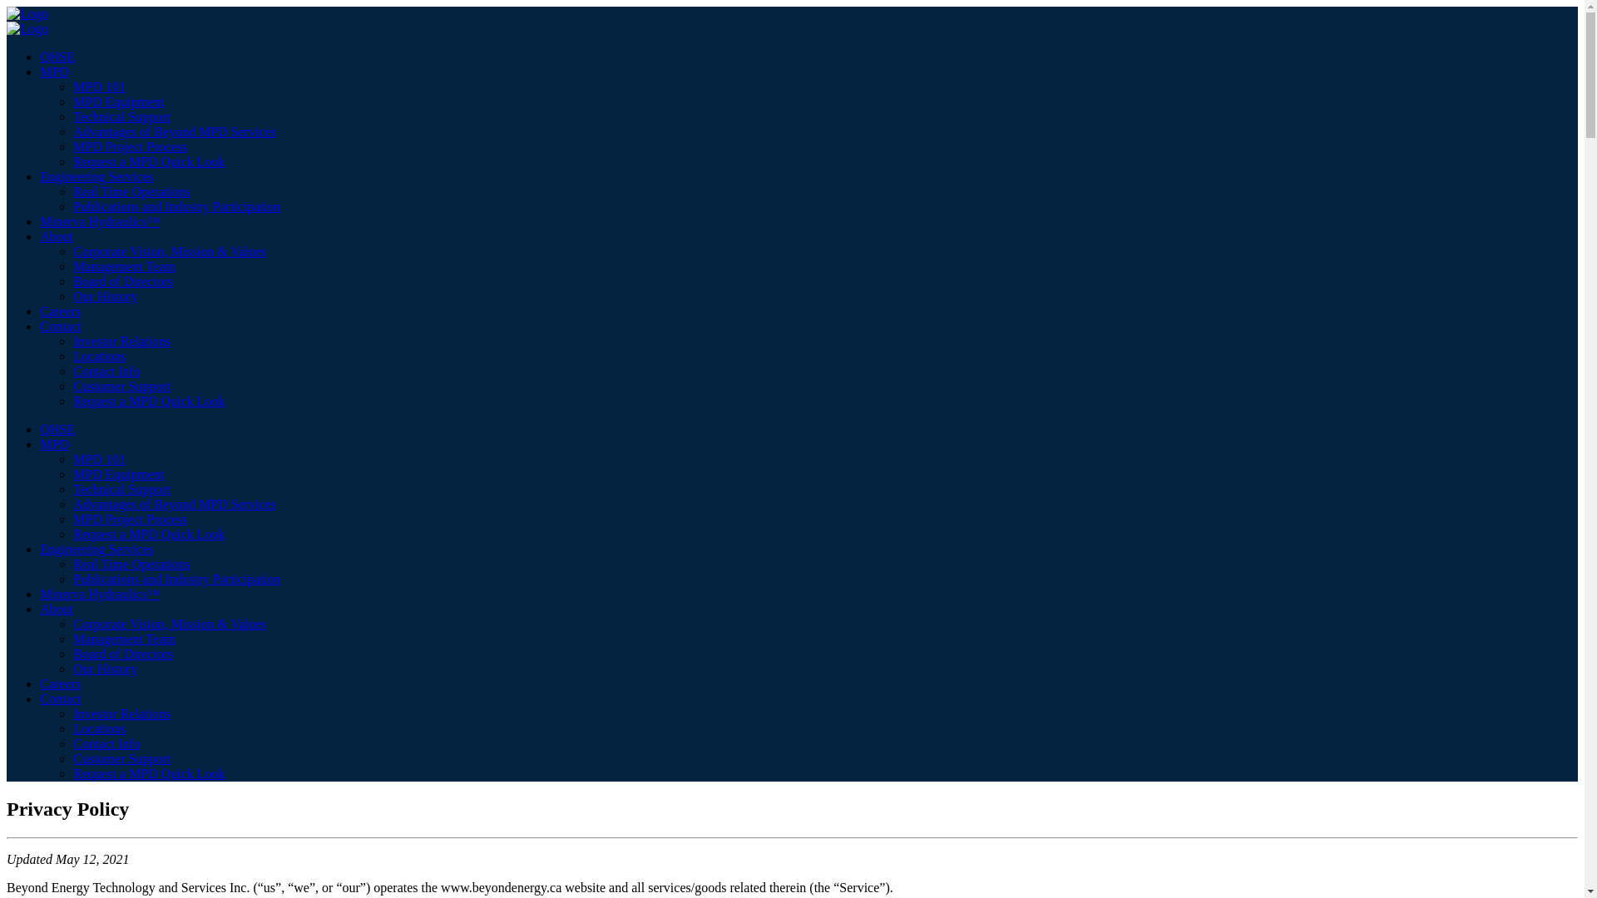  Describe the element at coordinates (40, 71) in the screenshot. I see `'MPD'` at that location.